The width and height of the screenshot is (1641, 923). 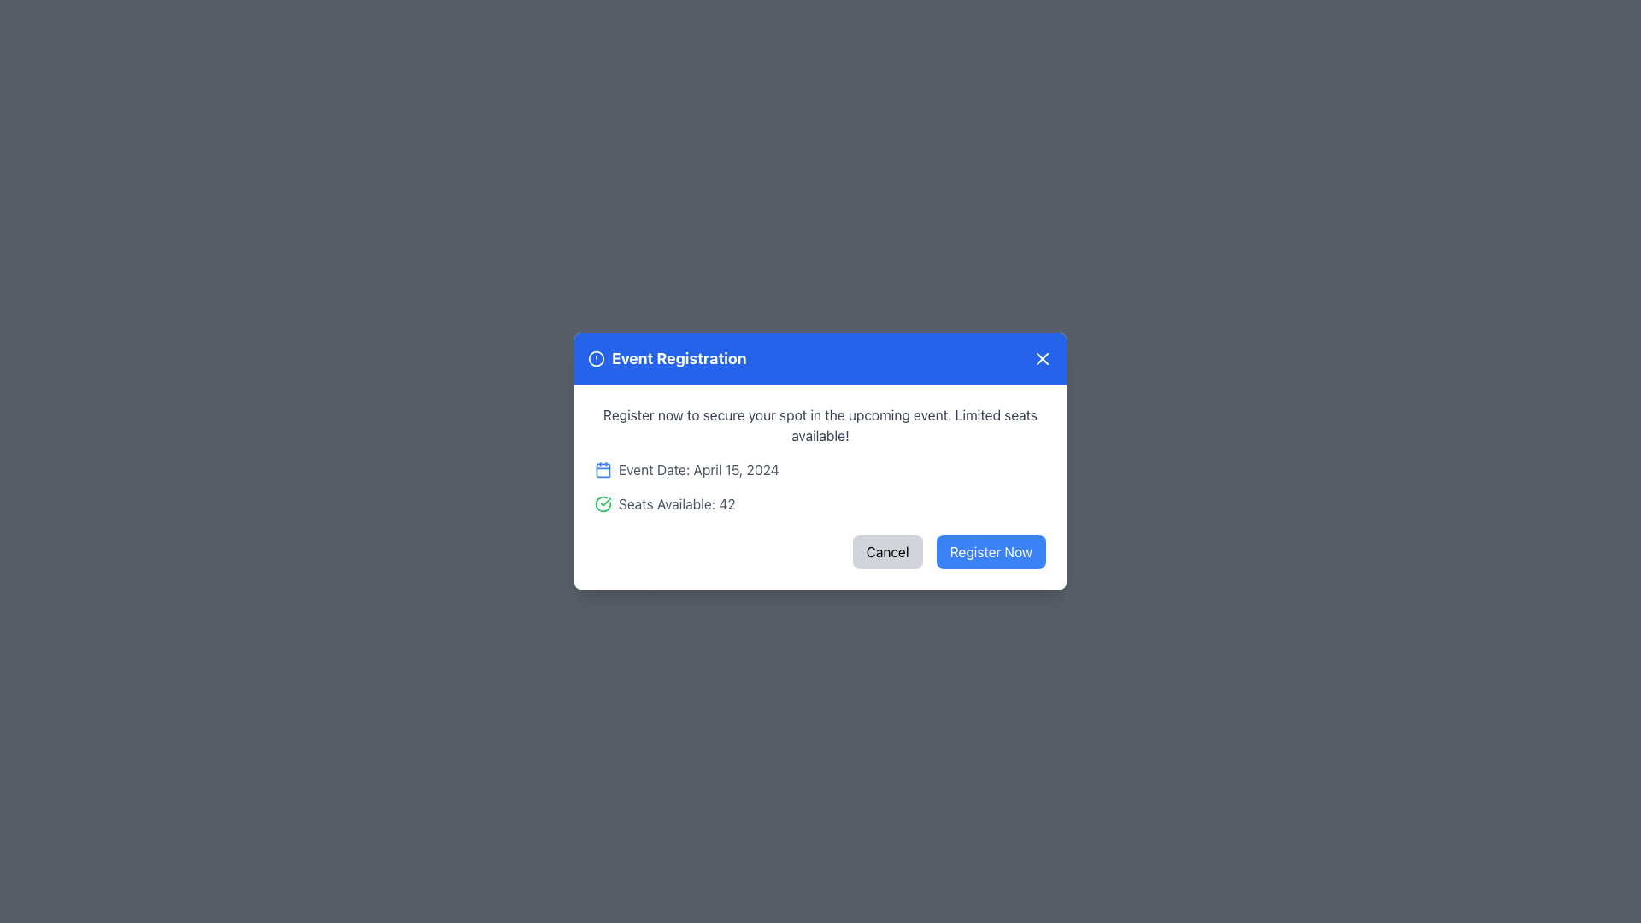 I want to click on the decorative calendar icon background located to the left of the 'Event Date' text in the modal window, so click(x=603, y=470).